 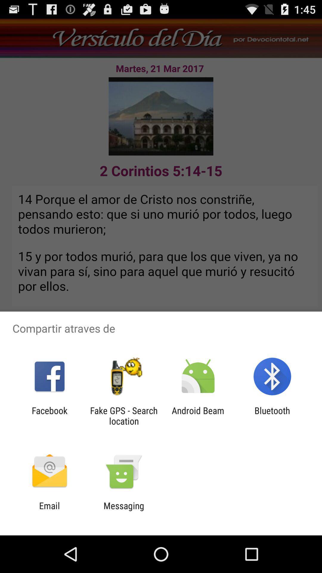 I want to click on the bluetooth icon, so click(x=272, y=415).